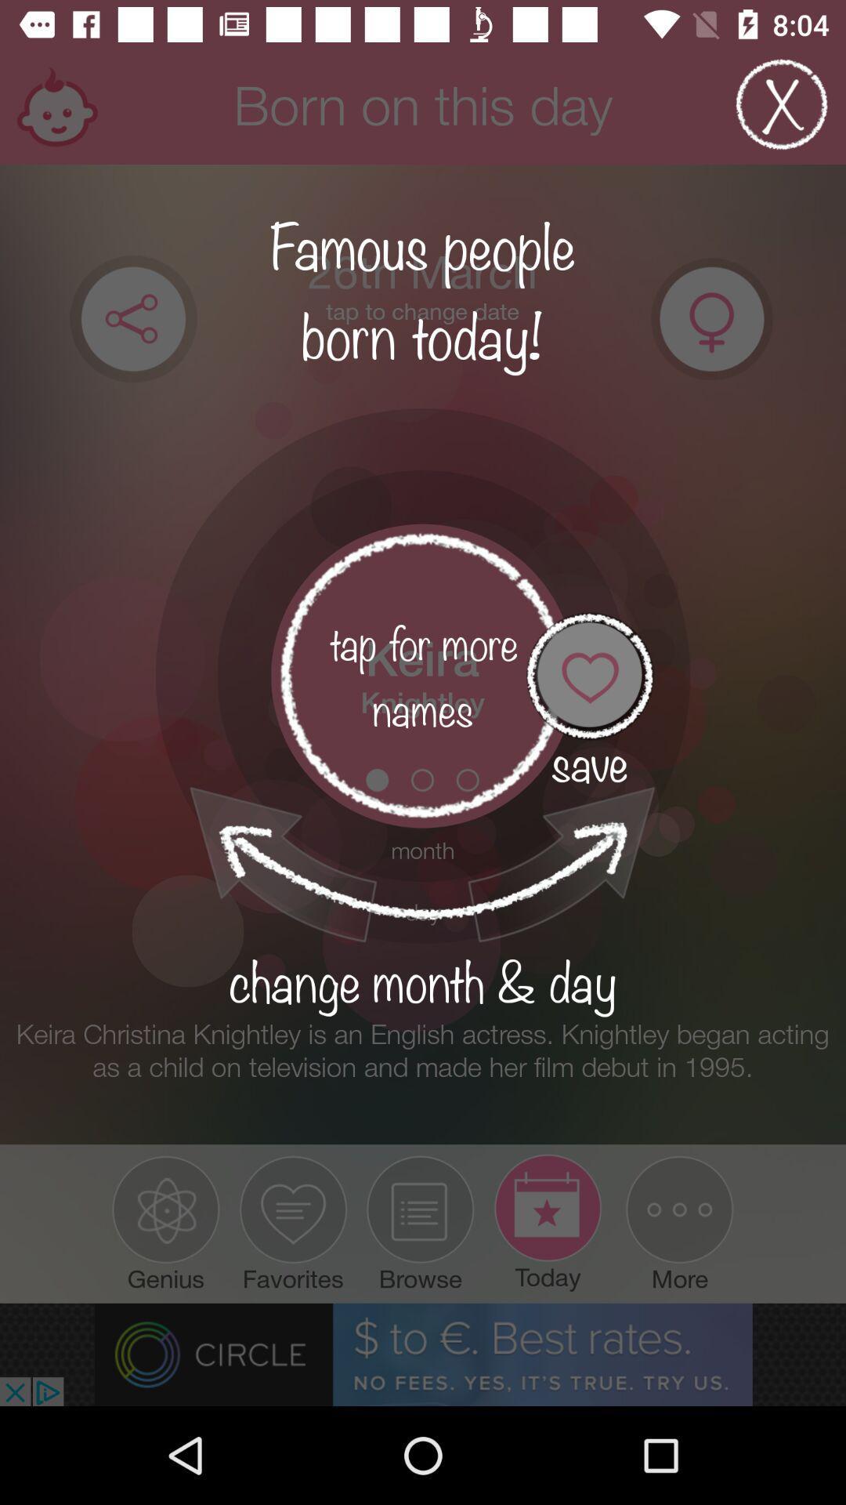  What do you see at coordinates (423, 676) in the screenshot?
I see `more names` at bounding box center [423, 676].